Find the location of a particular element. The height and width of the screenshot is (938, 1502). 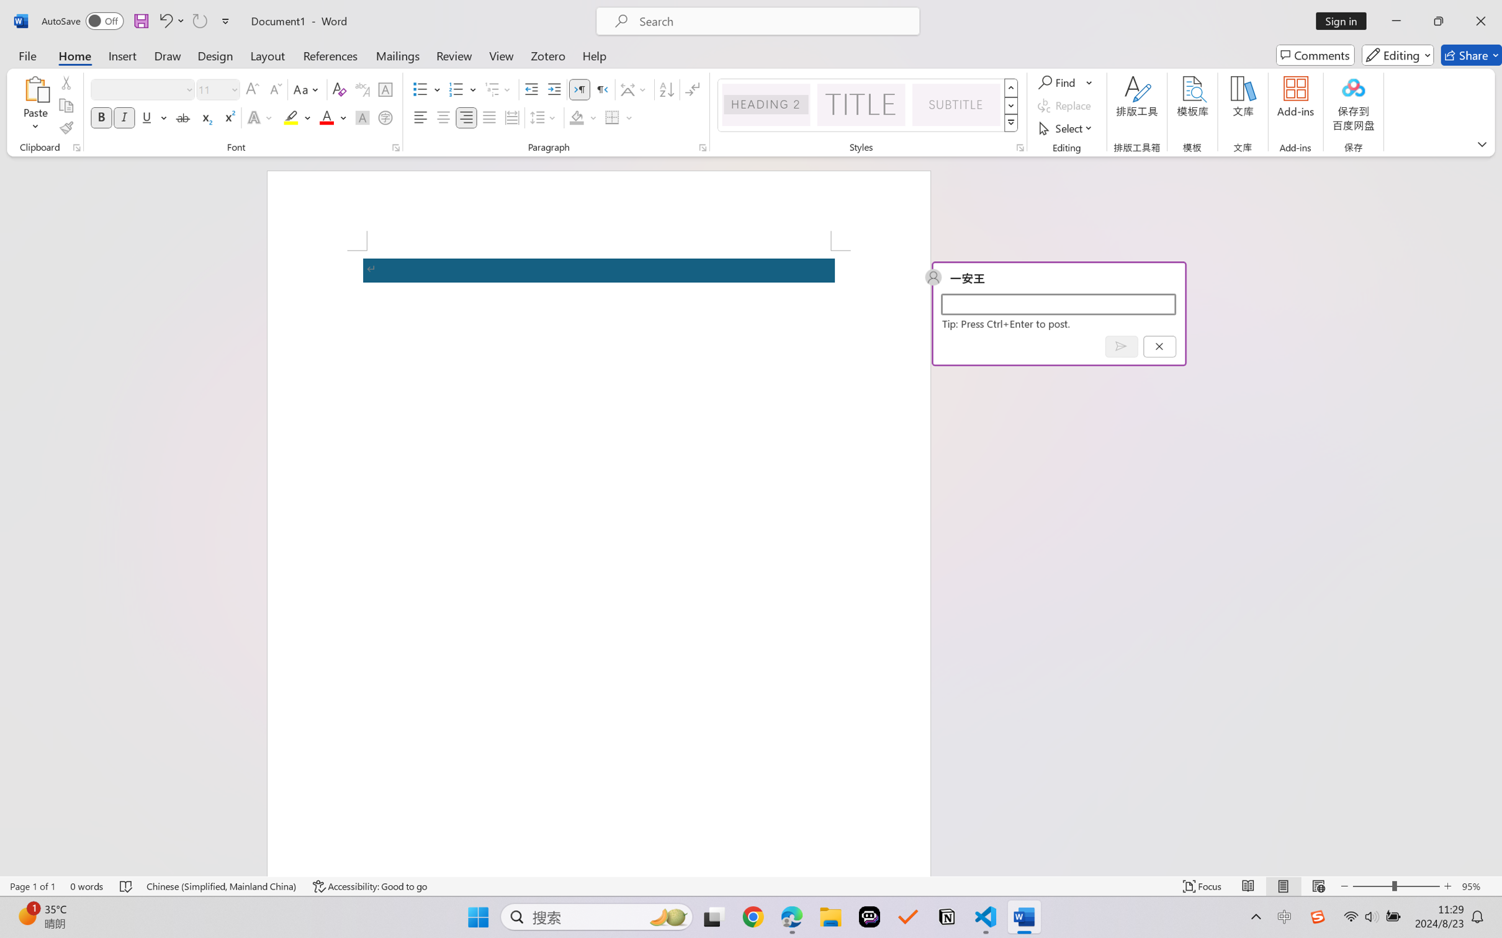

'Undo' is located at coordinates (164, 20).